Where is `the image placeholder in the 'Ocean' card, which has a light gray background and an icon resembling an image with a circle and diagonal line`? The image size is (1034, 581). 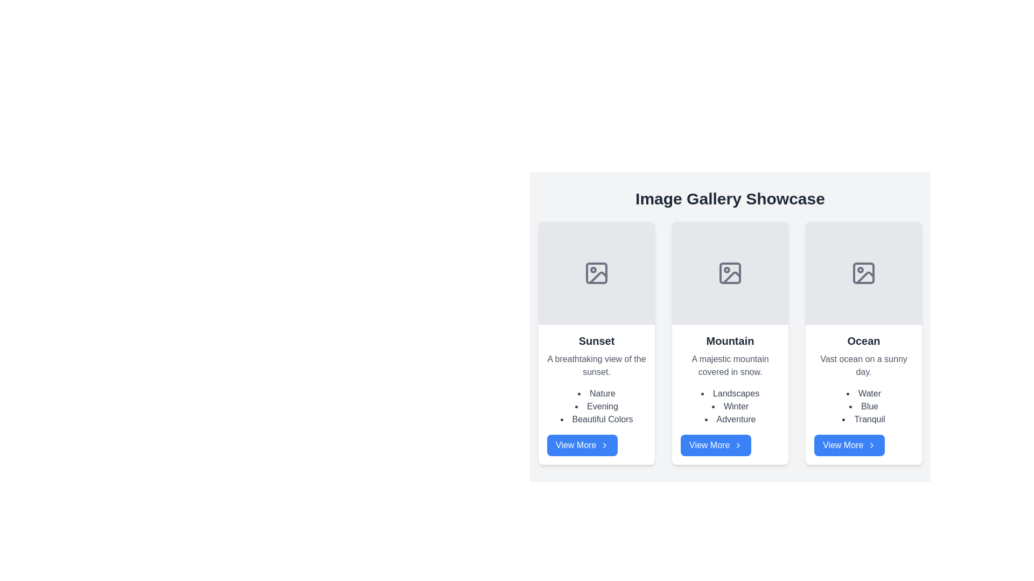 the image placeholder in the 'Ocean' card, which has a light gray background and an icon resembling an image with a circle and diagonal line is located at coordinates (863, 273).